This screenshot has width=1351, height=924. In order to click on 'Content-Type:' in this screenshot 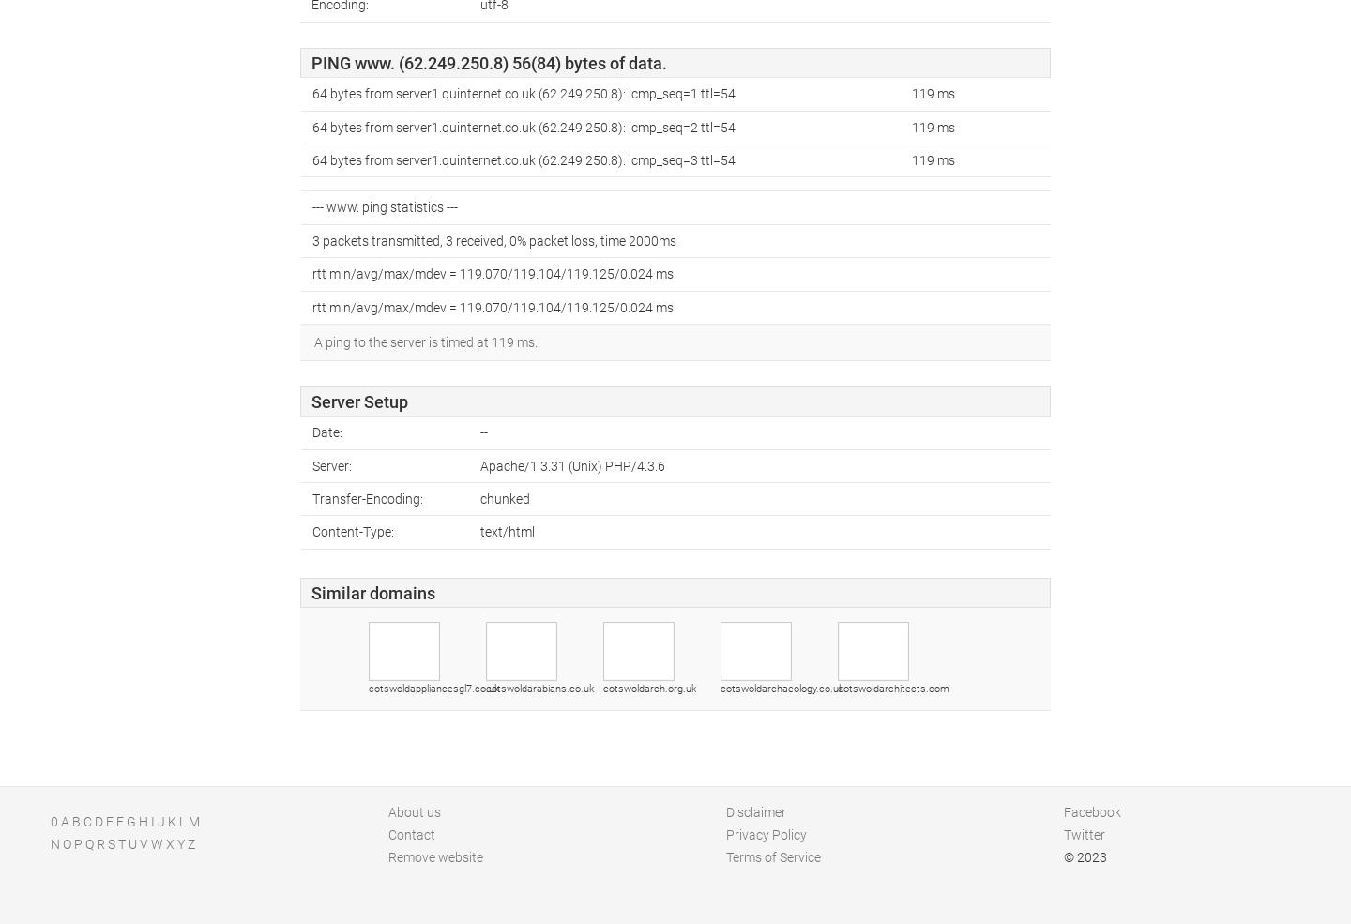, I will do `click(351, 531)`.